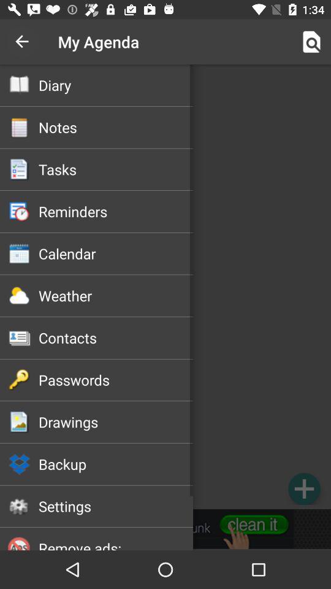  Describe the element at coordinates (116, 169) in the screenshot. I see `item below the notes` at that location.